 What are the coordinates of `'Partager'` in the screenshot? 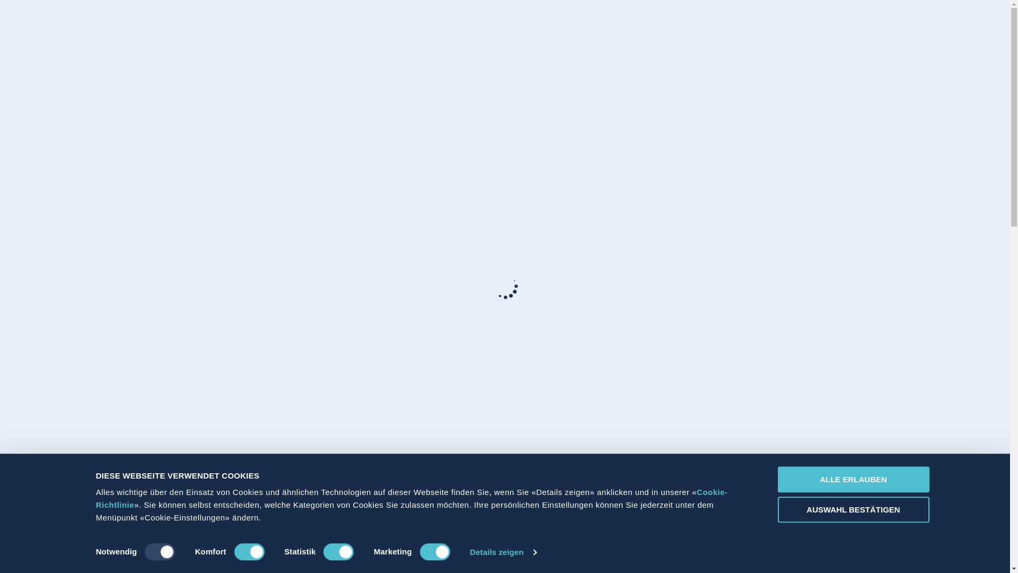 It's located at (820, 26).